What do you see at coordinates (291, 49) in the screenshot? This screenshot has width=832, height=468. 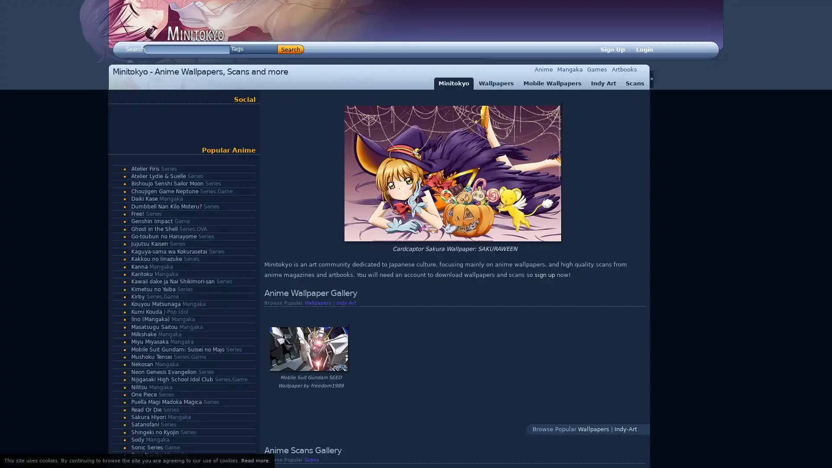 I see `Search` at bounding box center [291, 49].